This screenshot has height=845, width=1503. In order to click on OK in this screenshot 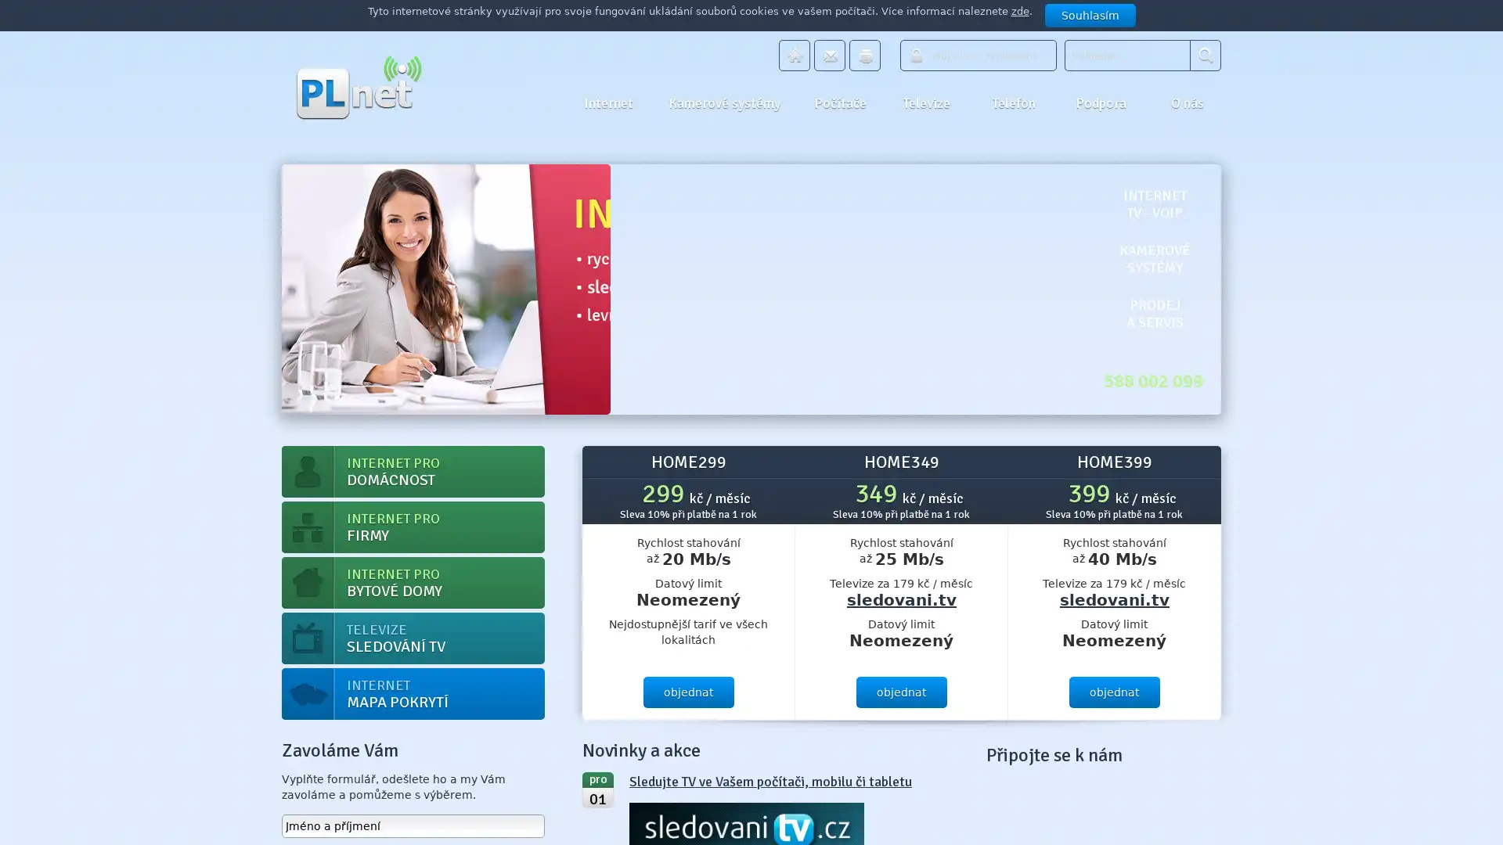, I will do `click(1205, 54)`.